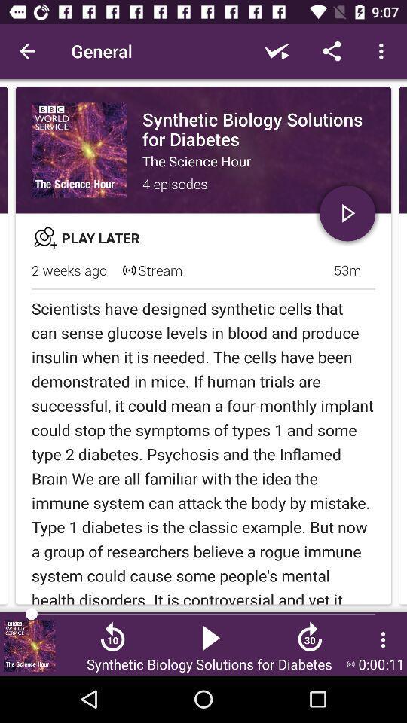 Image resolution: width=407 pixels, height=723 pixels. What do you see at coordinates (210, 642) in the screenshot?
I see `the play icon` at bounding box center [210, 642].